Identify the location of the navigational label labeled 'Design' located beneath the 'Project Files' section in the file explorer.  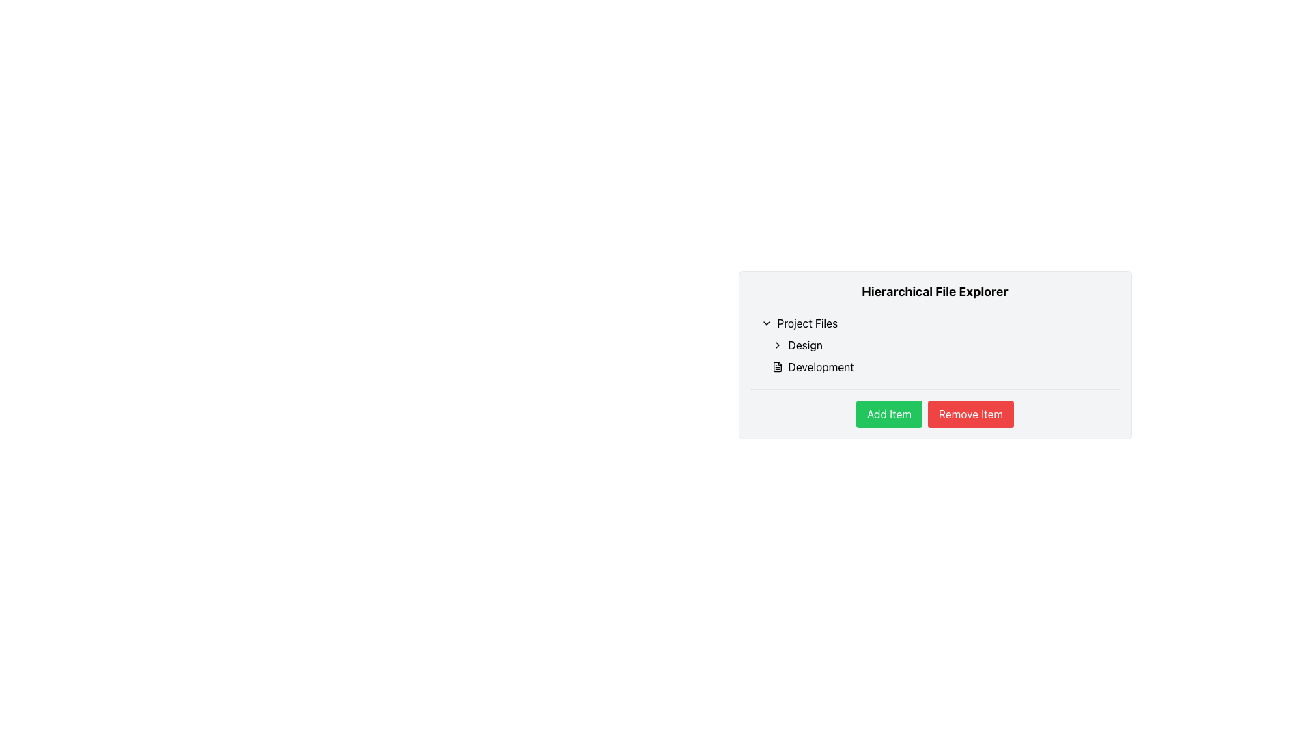
(805, 344).